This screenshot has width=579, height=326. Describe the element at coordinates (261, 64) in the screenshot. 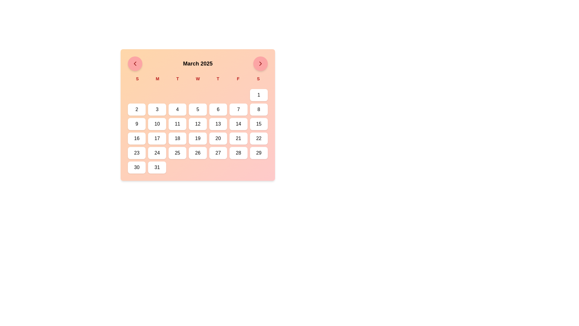

I see `the right-pointing chevron icon located in the top-right side of the calendar interface to trigger navigation` at that location.